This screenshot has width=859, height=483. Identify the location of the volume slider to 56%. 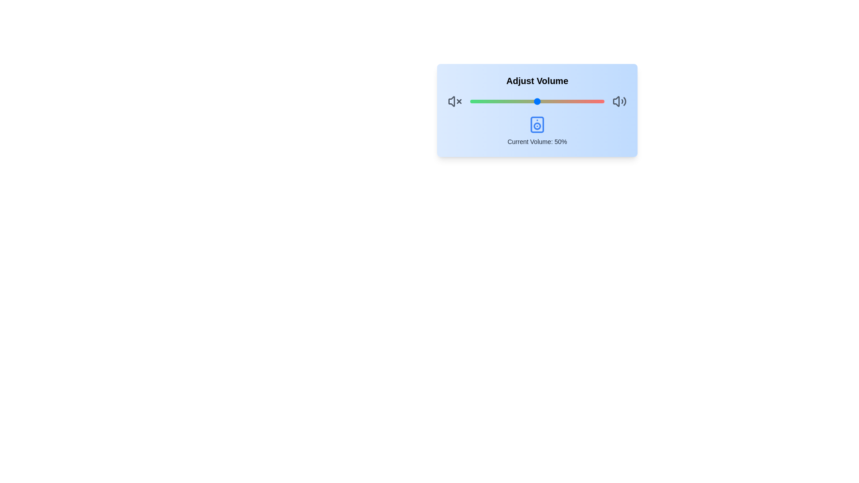
(545, 101).